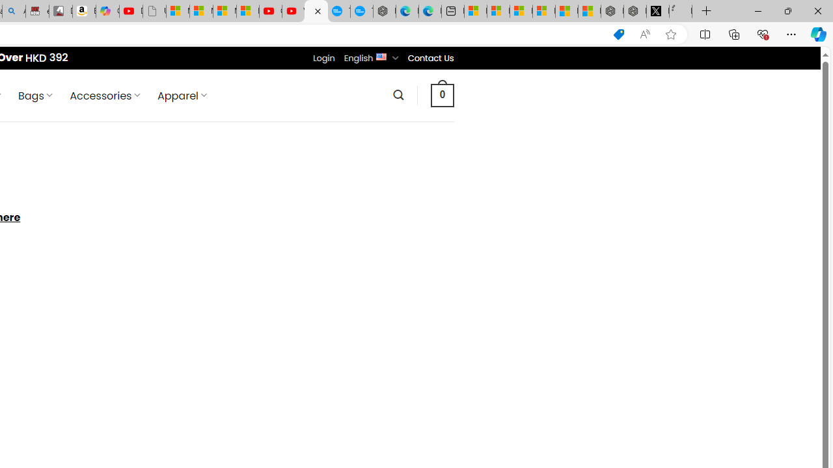 Image resolution: width=833 pixels, height=468 pixels. I want to click on 'Copilot', so click(107, 11).